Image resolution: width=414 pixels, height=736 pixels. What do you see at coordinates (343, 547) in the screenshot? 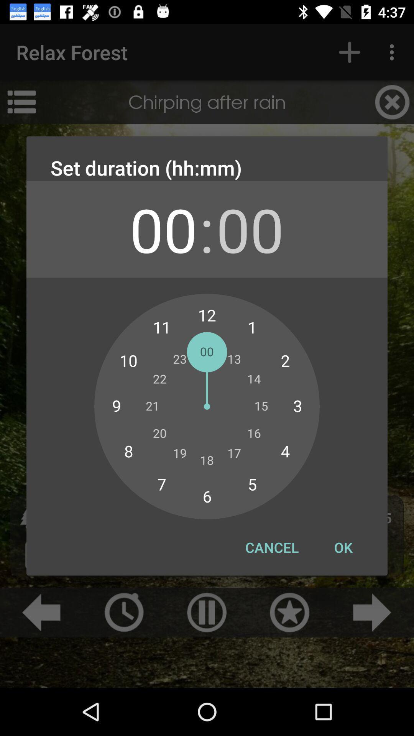
I see `the item at the bottom right corner` at bounding box center [343, 547].